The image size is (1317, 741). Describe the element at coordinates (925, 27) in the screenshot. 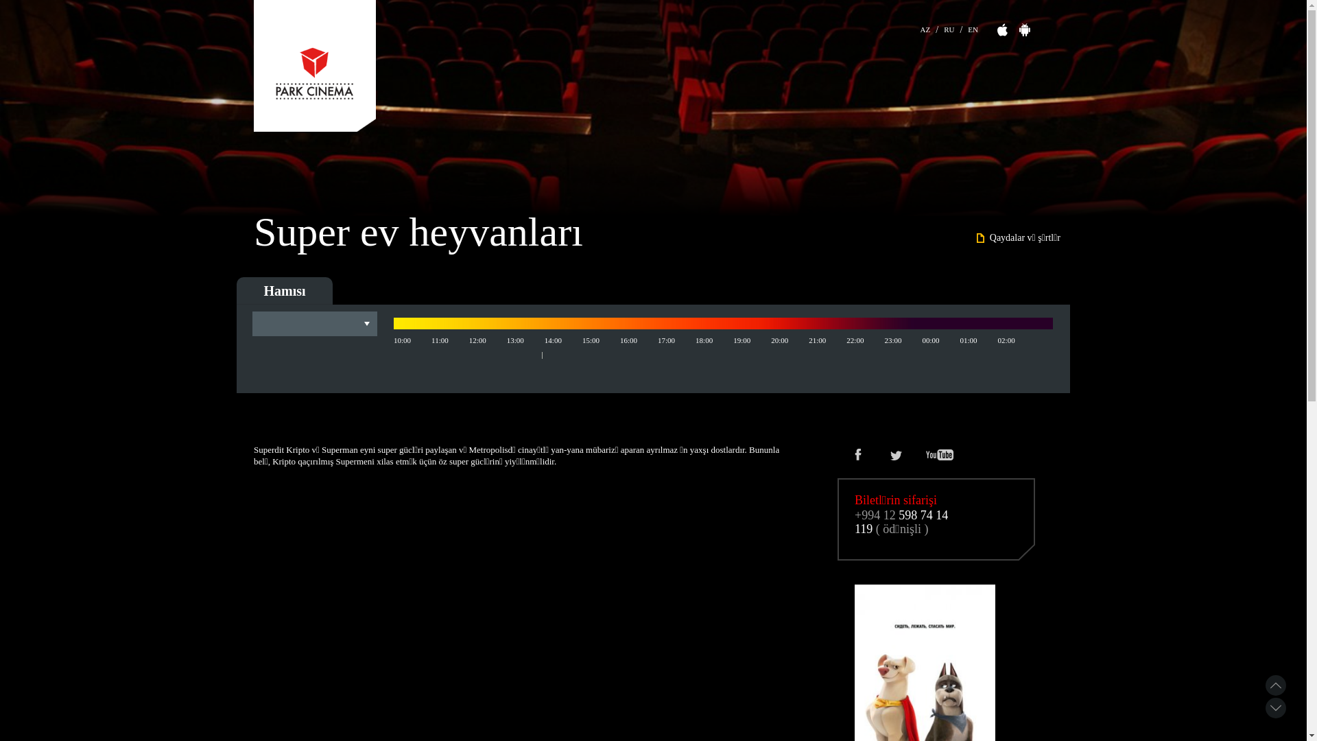

I see `'AZ'` at that location.